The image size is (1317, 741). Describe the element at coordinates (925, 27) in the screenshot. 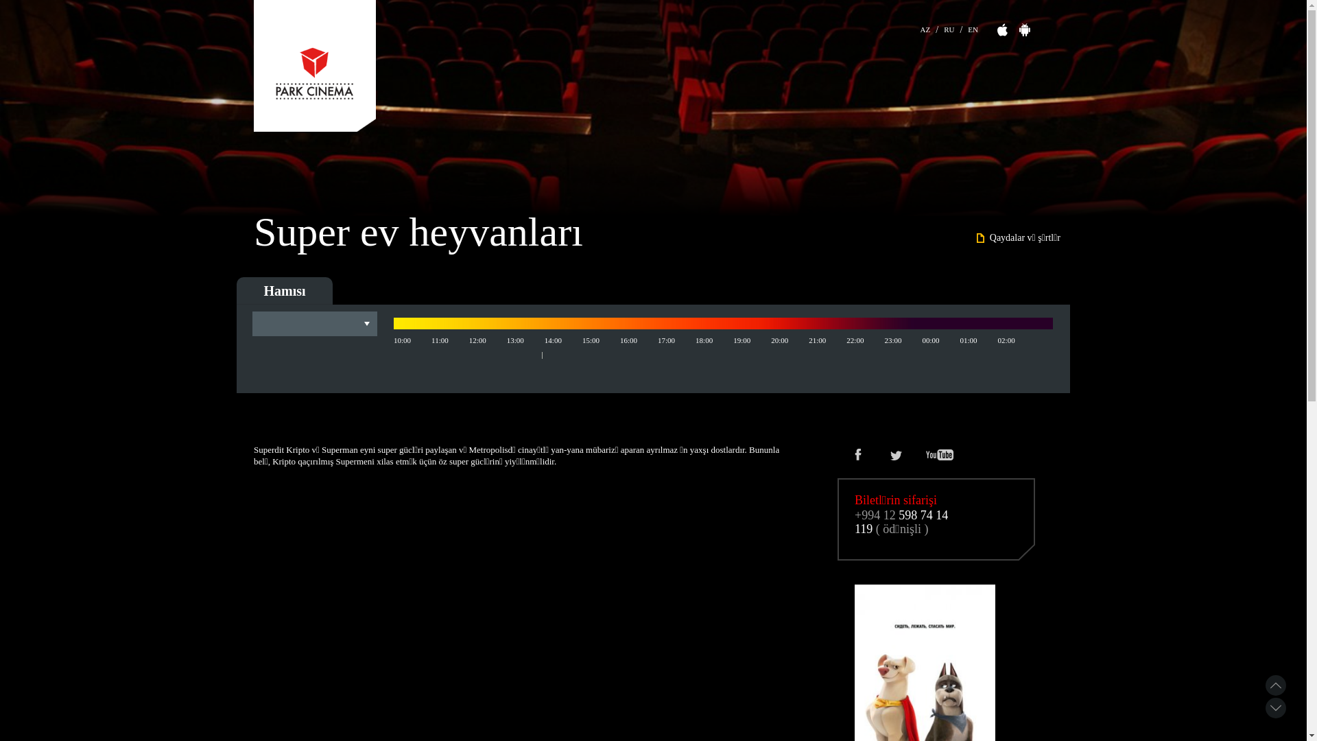

I see `'AZ'` at that location.